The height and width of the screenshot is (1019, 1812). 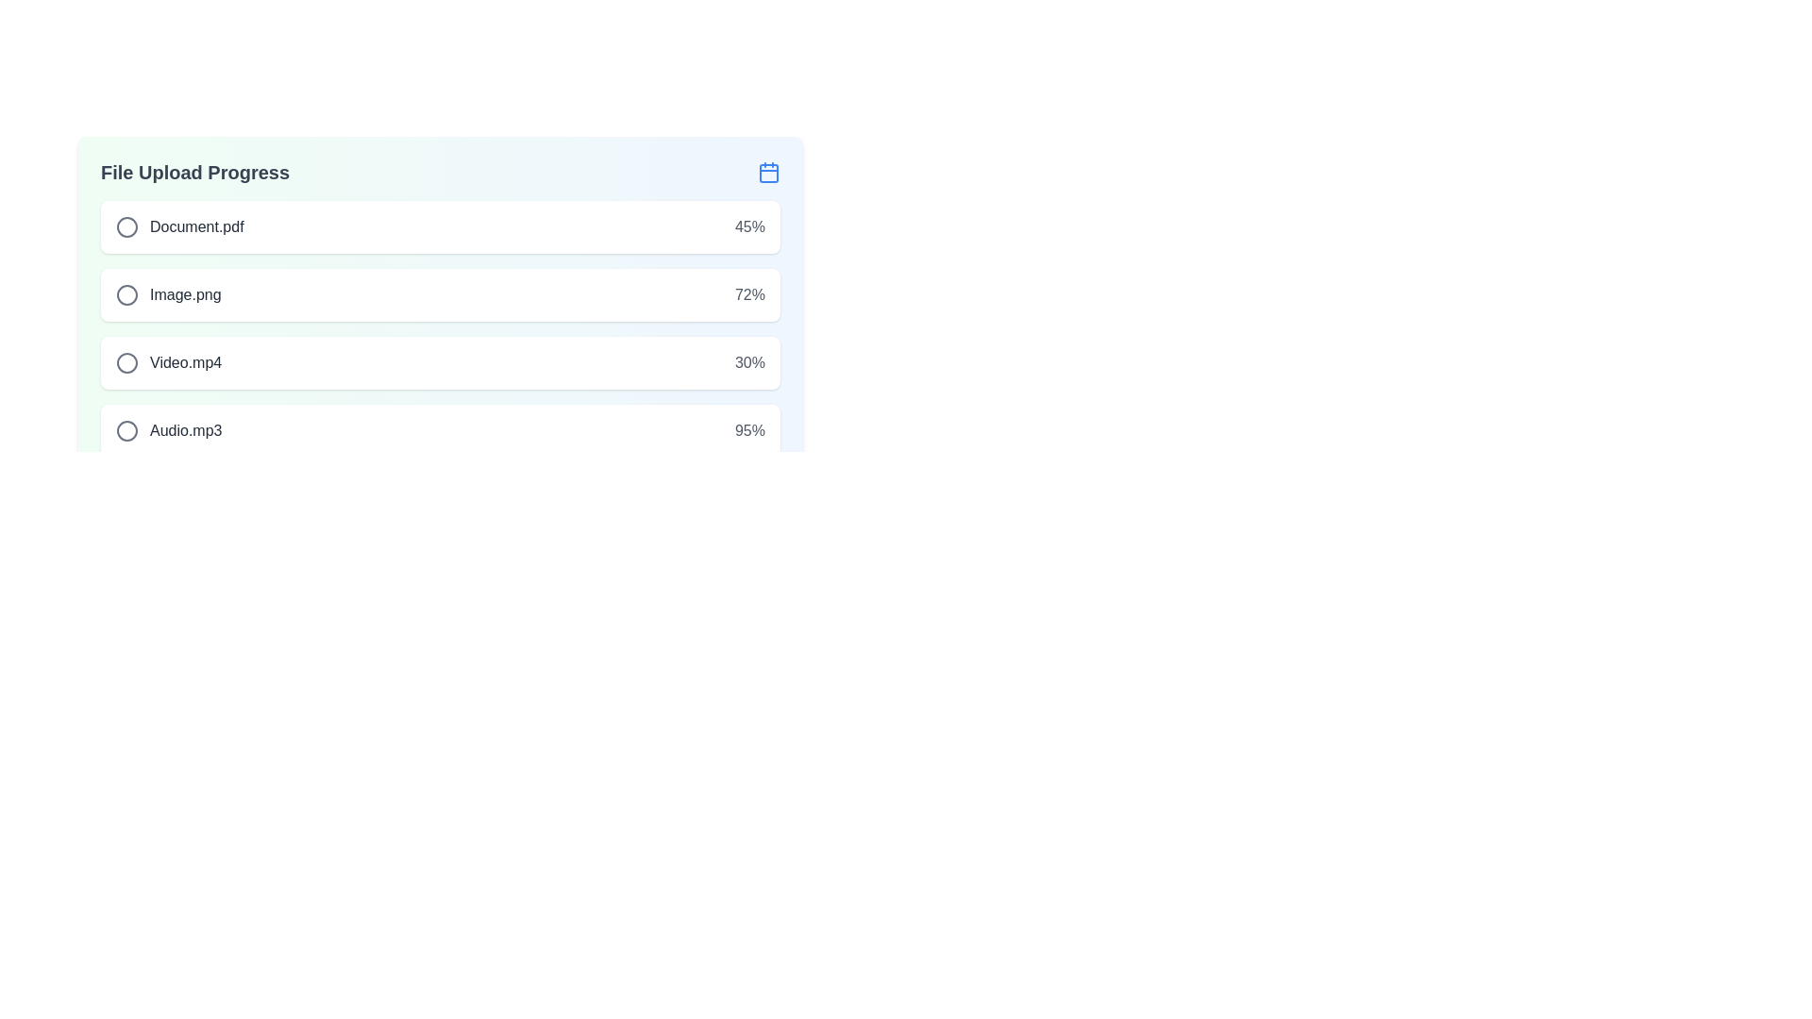 I want to click on the selection marker icon located on the left side of the 'Image.png' row in the 'File Upload Progress' list, so click(x=126, y=294).